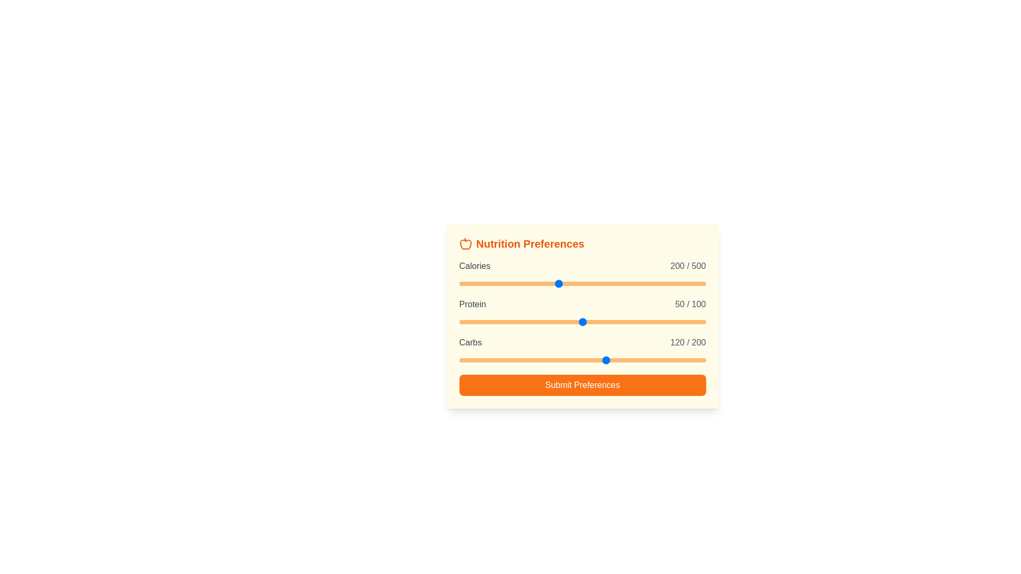 This screenshot has width=1021, height=574. I want to click on the apple-shaped icon graphic located within the title's small icon on the top-left side of the 'Nutrition Preferences' card, so click(465, 244).